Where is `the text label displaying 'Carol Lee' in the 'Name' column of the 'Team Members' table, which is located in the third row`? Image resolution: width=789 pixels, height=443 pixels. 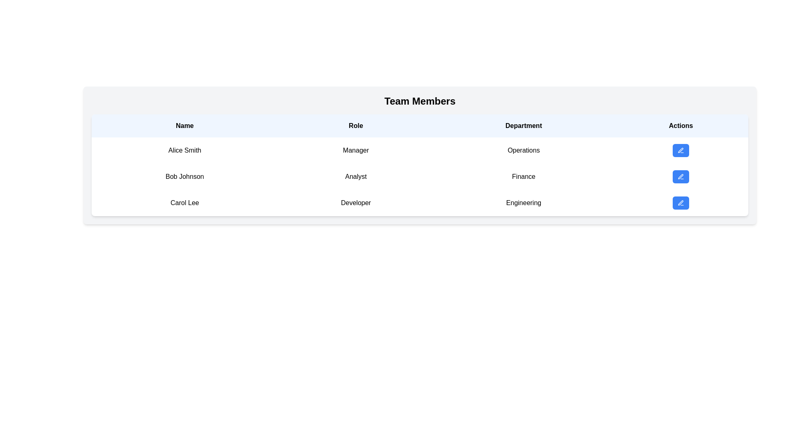
the text label displaying 'Carol Lee' in the 'Name' column of the 'Team Members' table, which is located in the third row is located at coordinates (184, 203).